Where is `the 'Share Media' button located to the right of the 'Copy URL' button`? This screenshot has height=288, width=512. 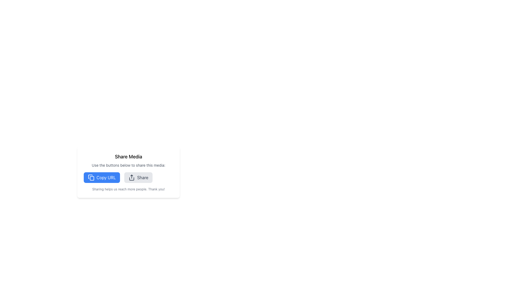 the 'Share Media' button located to the right of the 'Copy URL' button is located at coordinates (128, 172).